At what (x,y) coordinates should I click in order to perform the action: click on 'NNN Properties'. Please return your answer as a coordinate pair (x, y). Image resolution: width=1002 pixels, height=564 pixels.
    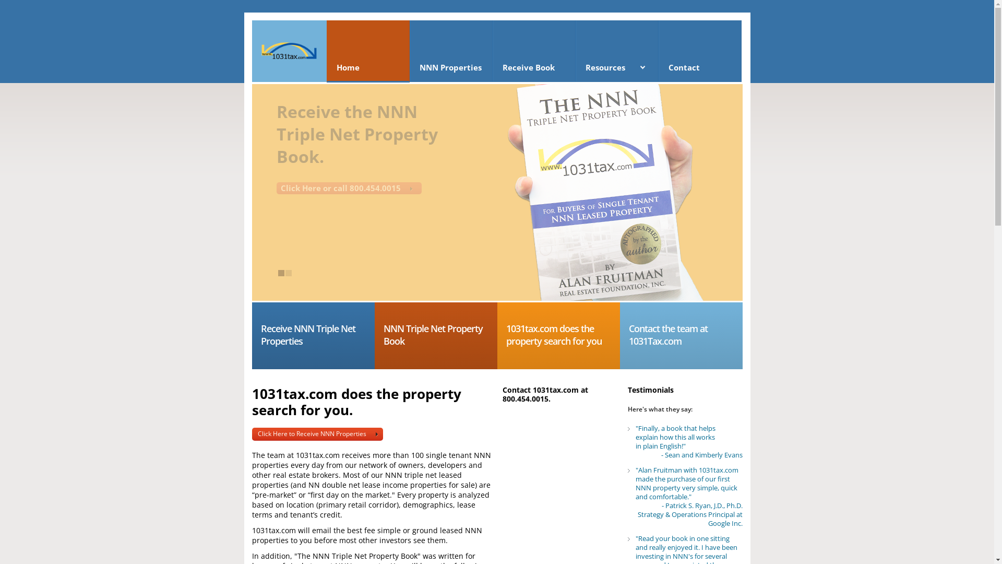
    Looking at the image, I should click on (450, 51).